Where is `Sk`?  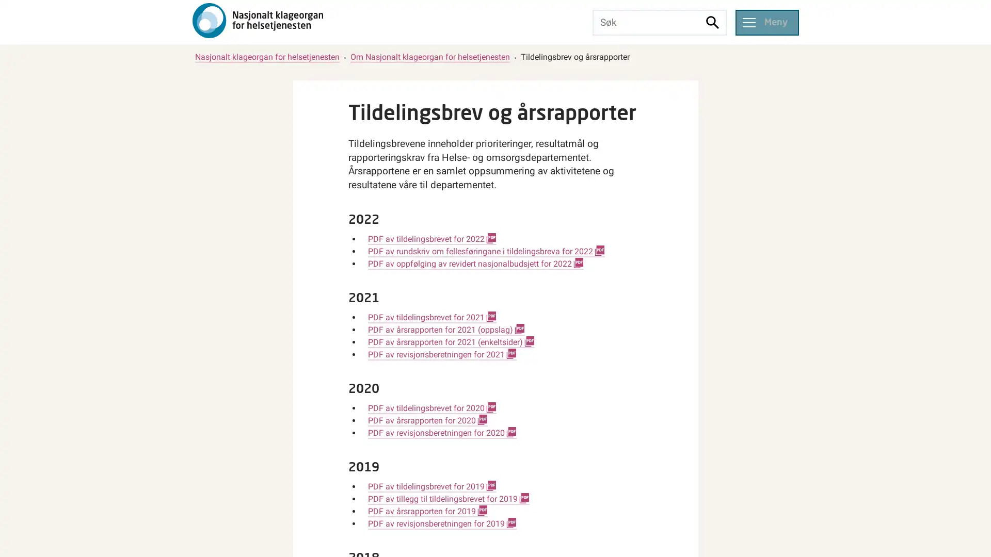 Sk is located at coordinates (712, 22).